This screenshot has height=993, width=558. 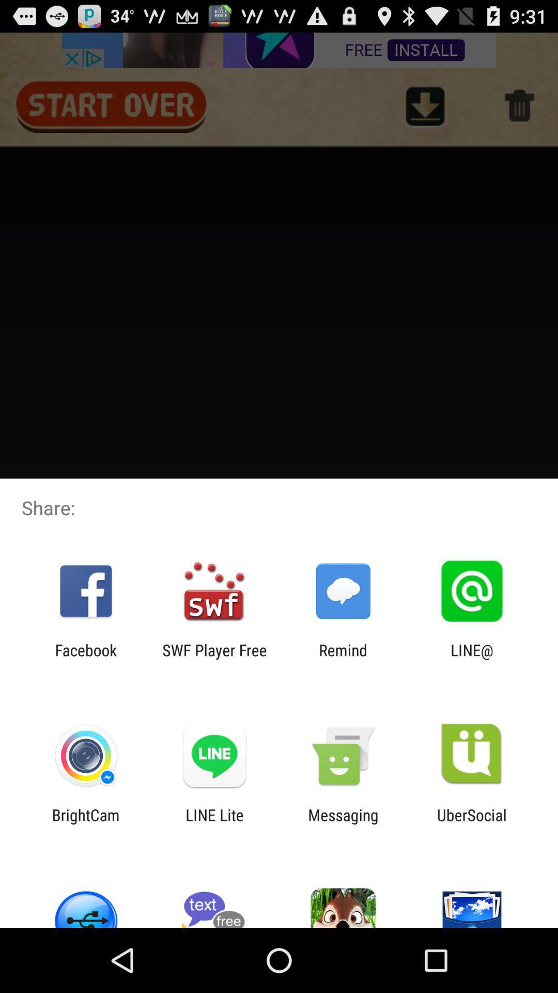 I want to click on icon to the right of the line lite item, so click(x=343, y=823).